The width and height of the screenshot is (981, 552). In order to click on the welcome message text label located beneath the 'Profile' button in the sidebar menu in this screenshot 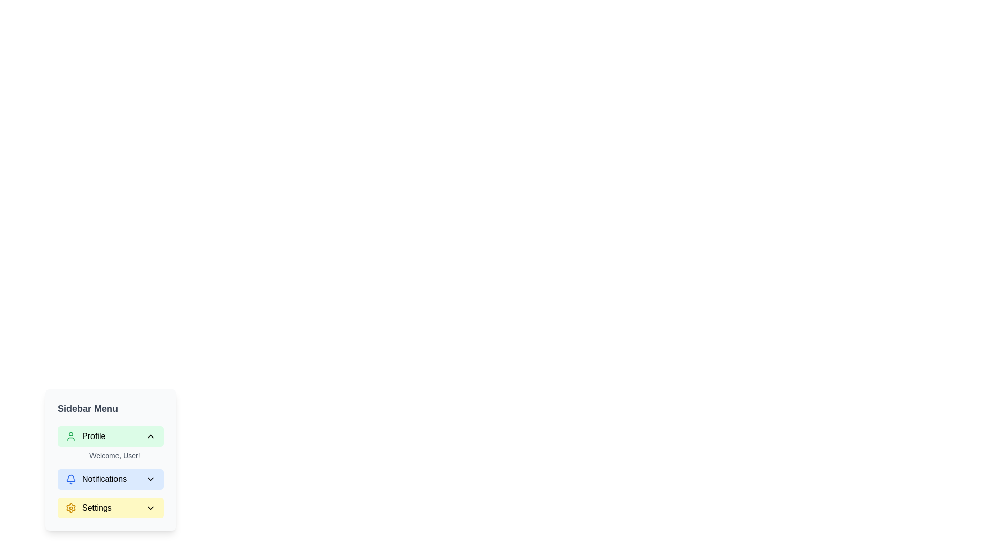, I will do `click(115, 455)`.